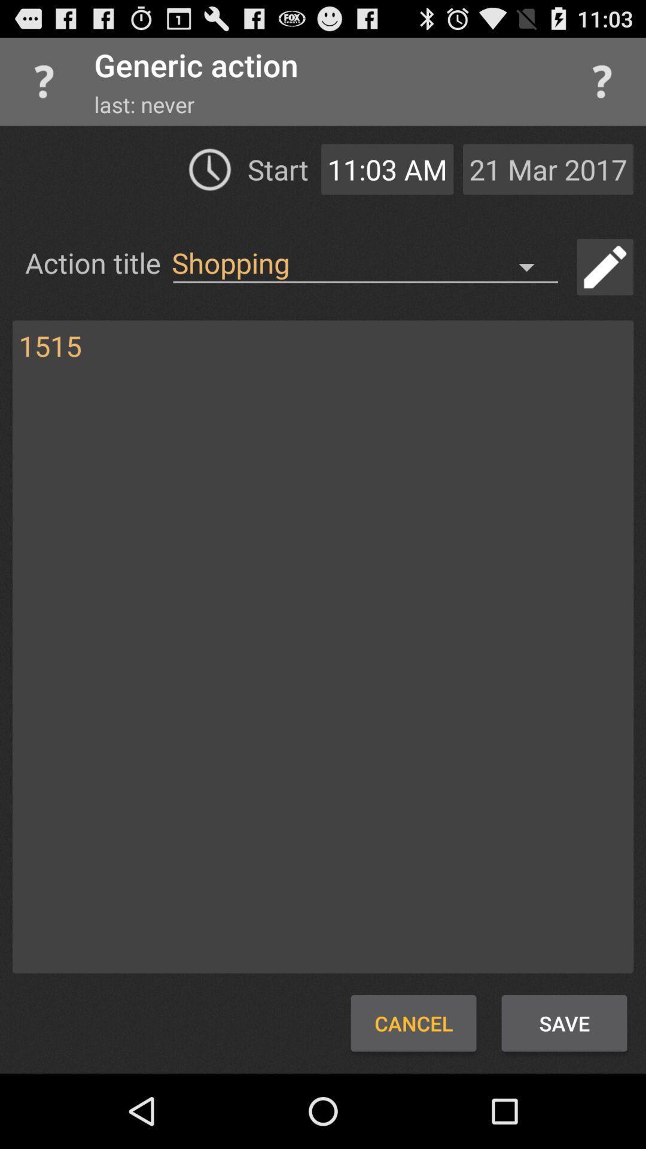 The width and height of the screenshot is (646, 1149). Describe the element at coordinates (602, 87) in the screenshot. I see `the help icon` at that location.